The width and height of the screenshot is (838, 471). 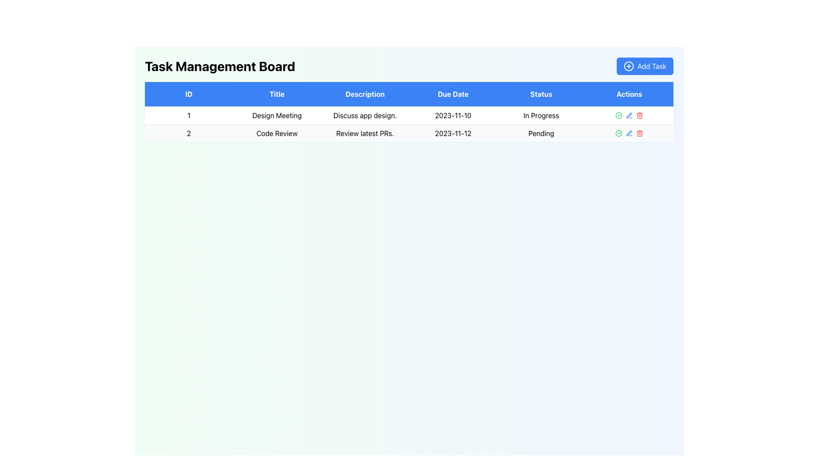 What do you see at coordinates (645, 65) in the screenshot?
I see `the 'Add Task' button located in the top-right corner of the 'Task Management Board' header to initiate adding a task` at bounding box center [645, 65].